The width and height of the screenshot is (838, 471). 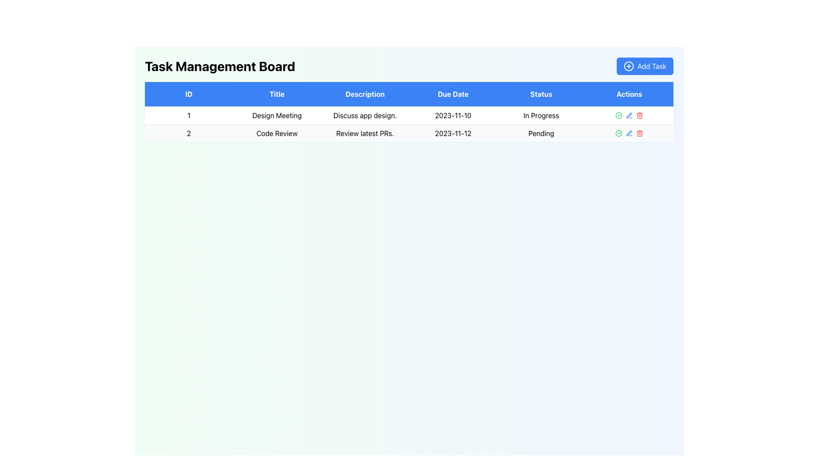 What do you see at coordinates (645, 65) in the screenshot?
I see `the 'Add Task' button located in the top-right corner of the 'Task Management Board' header to initiate adding a task` at bounding box center [645, 65].